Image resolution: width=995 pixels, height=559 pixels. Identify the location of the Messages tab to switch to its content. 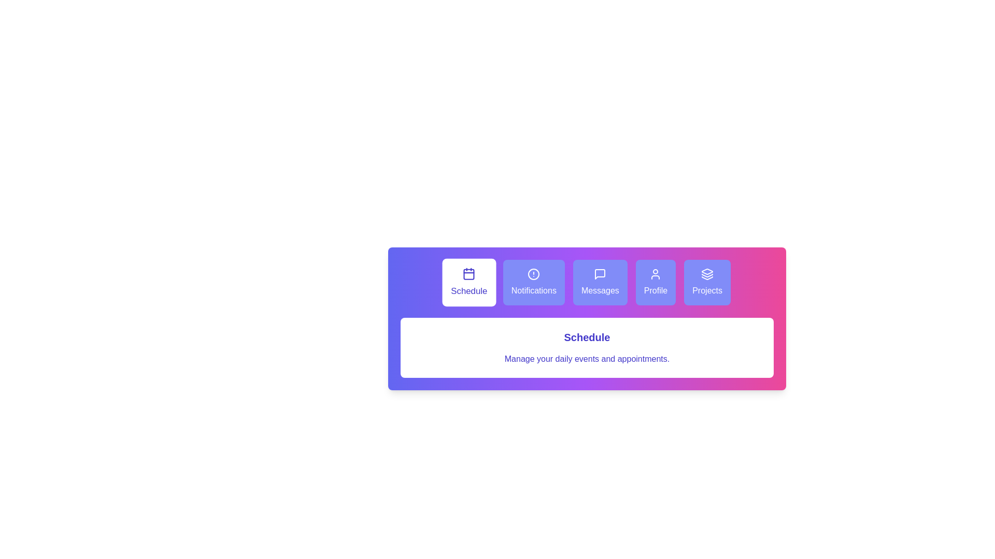
(600, 283).